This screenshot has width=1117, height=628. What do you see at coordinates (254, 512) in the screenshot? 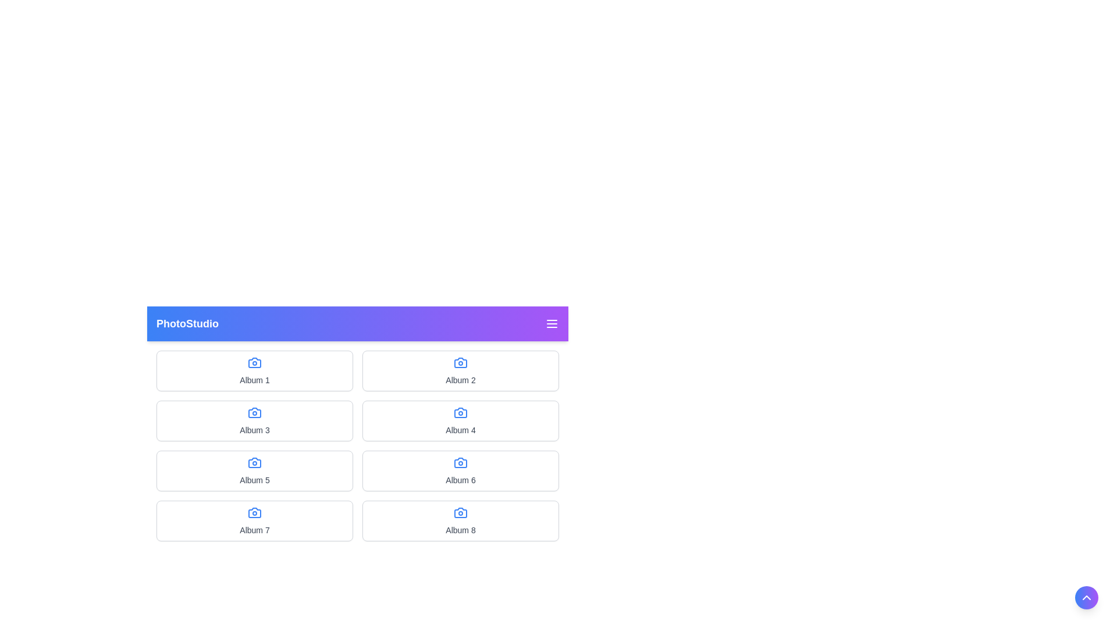
I see `the decorative camera icon located in the first column of the fourth row within the 'Album 7' box` at bounding box center [254, 512].